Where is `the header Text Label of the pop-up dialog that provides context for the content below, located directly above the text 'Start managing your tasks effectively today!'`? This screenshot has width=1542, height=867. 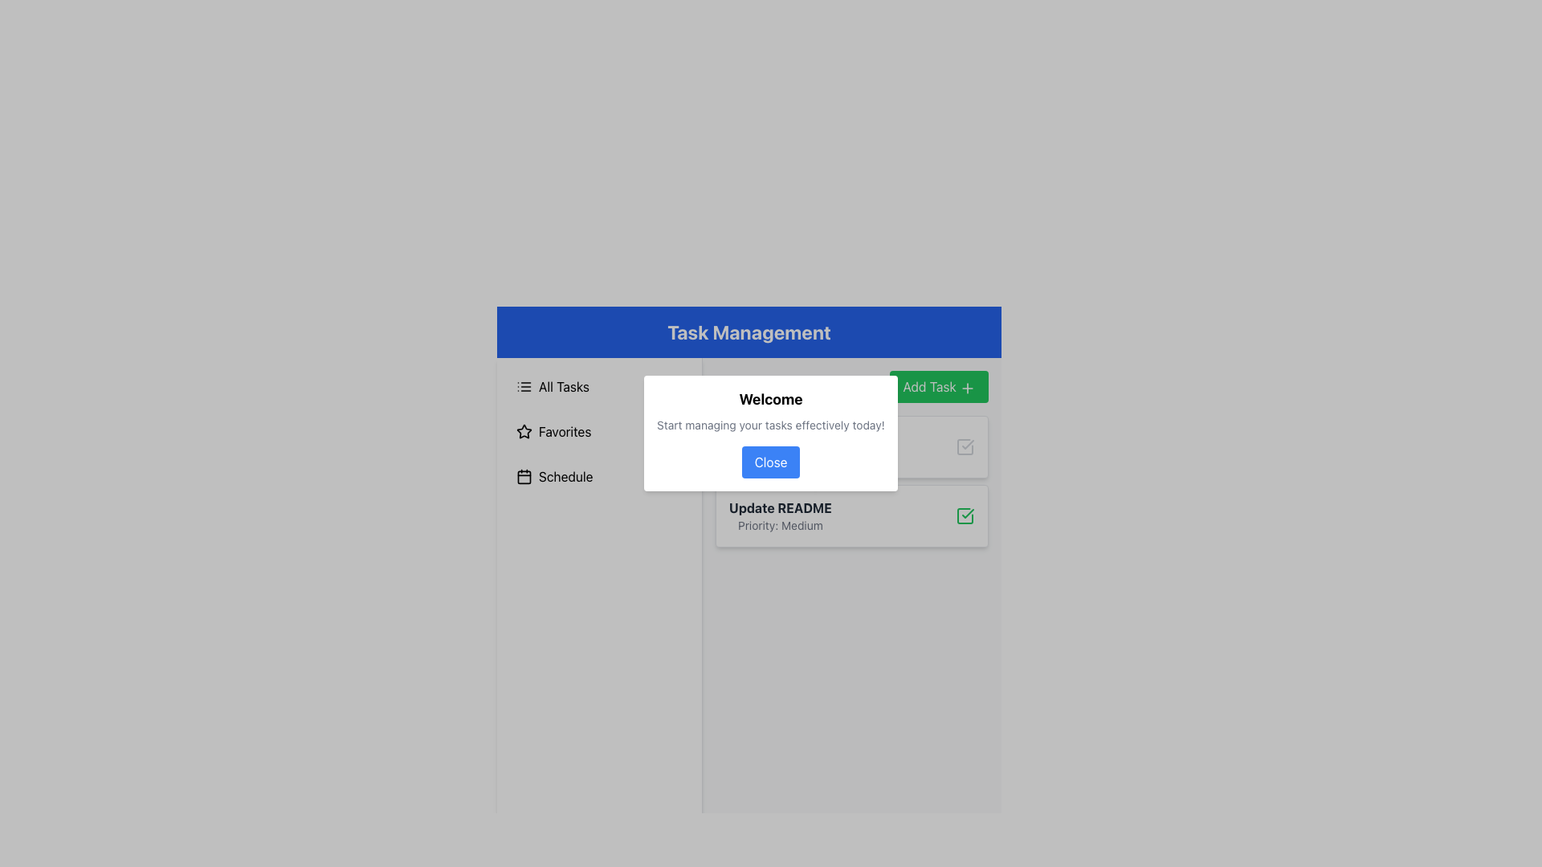 the header Text Label of the pop-up dialog that provides context for the content below, located directly above the text 'Start managing your tasks effectively today!' is located at coordinates (771, 398).